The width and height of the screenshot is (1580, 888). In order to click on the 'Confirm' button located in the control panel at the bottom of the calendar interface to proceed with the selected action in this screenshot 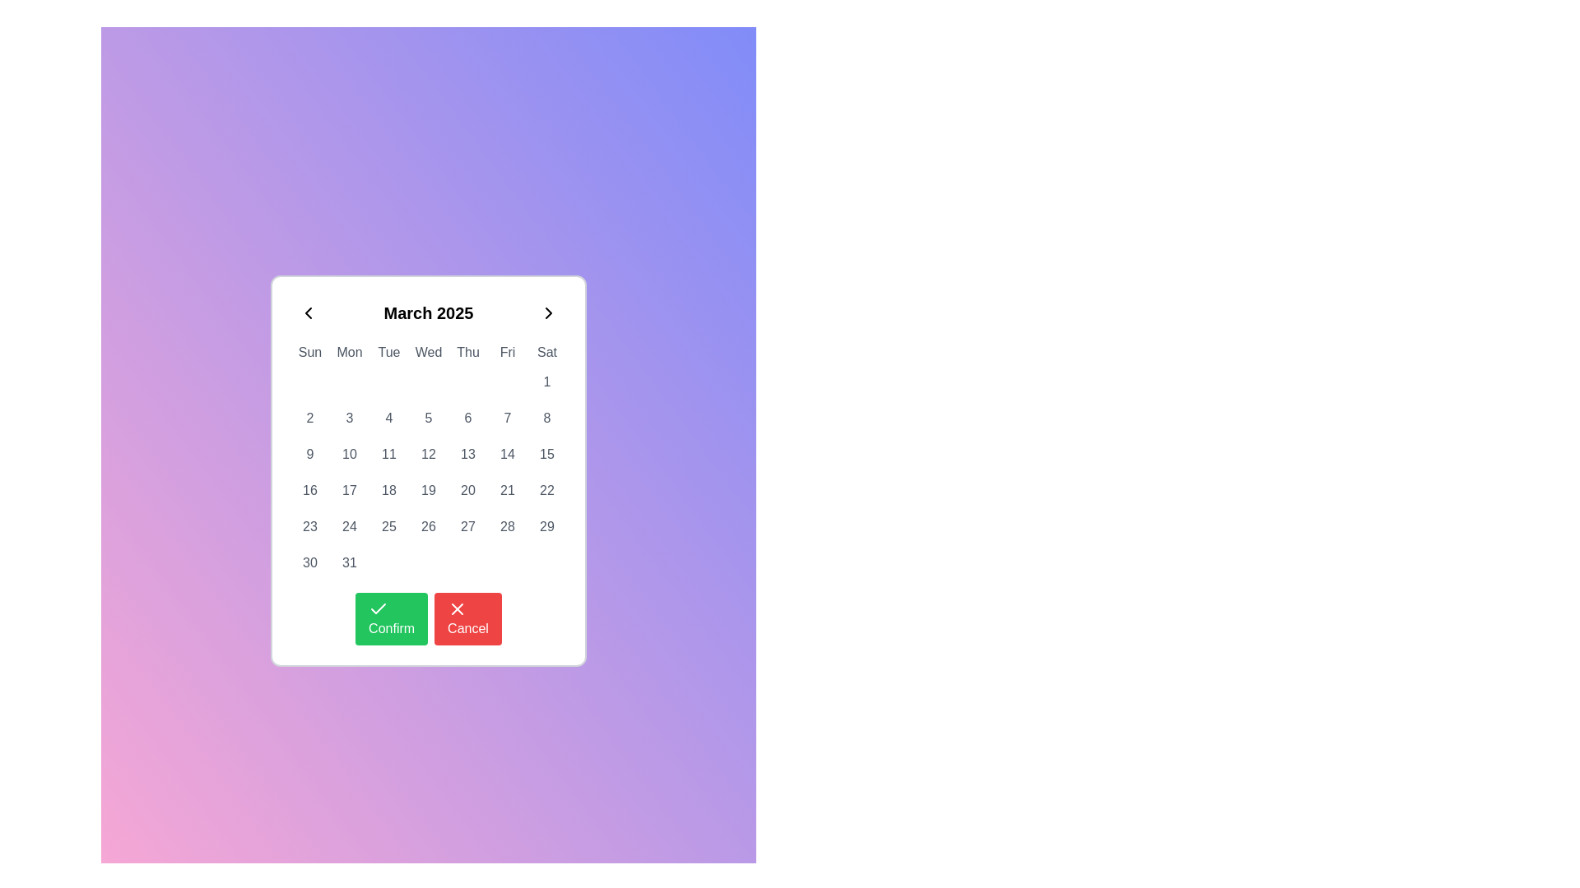, I will do `click(429, 612)`.